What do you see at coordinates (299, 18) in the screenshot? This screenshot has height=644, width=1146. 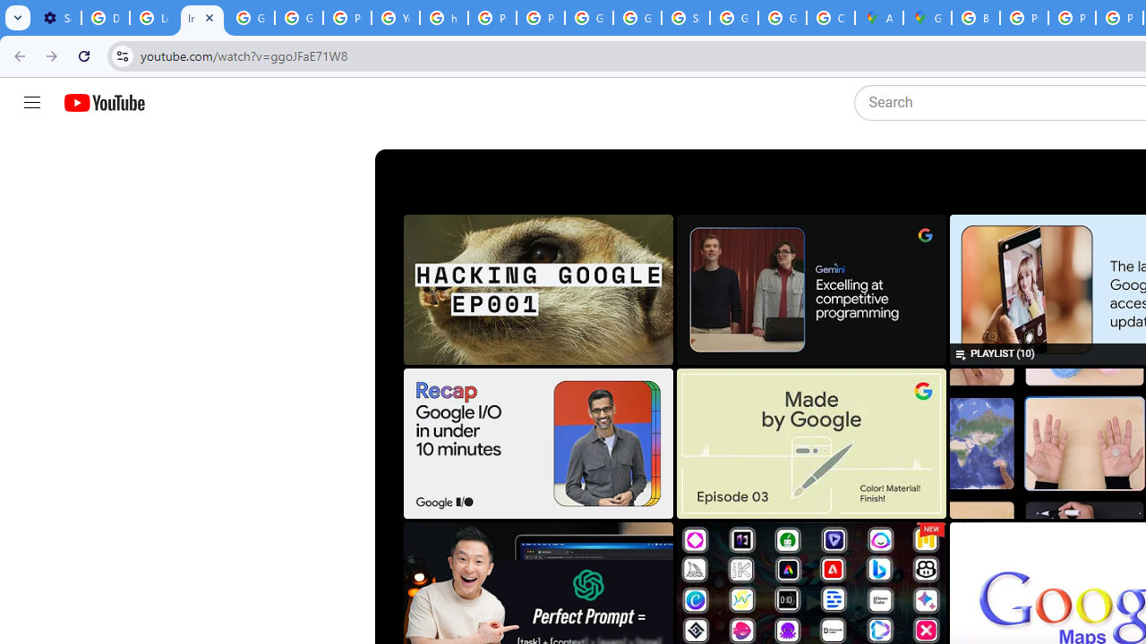 I see `'Google Account Help'` at bounding box center [299, 18].